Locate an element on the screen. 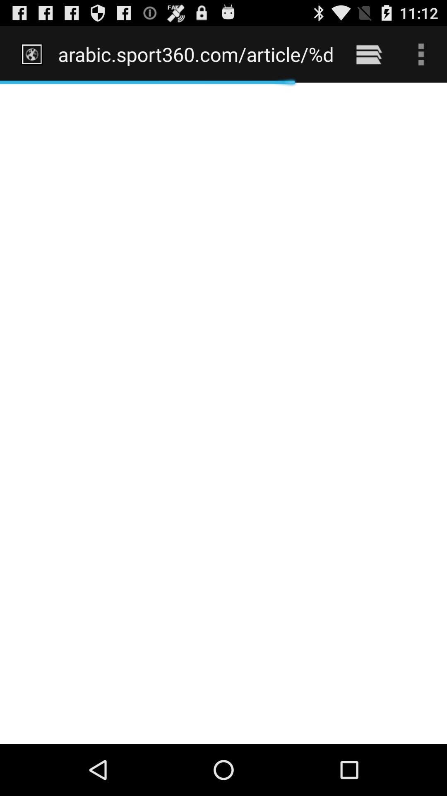 This screenshot has height=796, width=447. item at the center is located at coordinates (223, 413).